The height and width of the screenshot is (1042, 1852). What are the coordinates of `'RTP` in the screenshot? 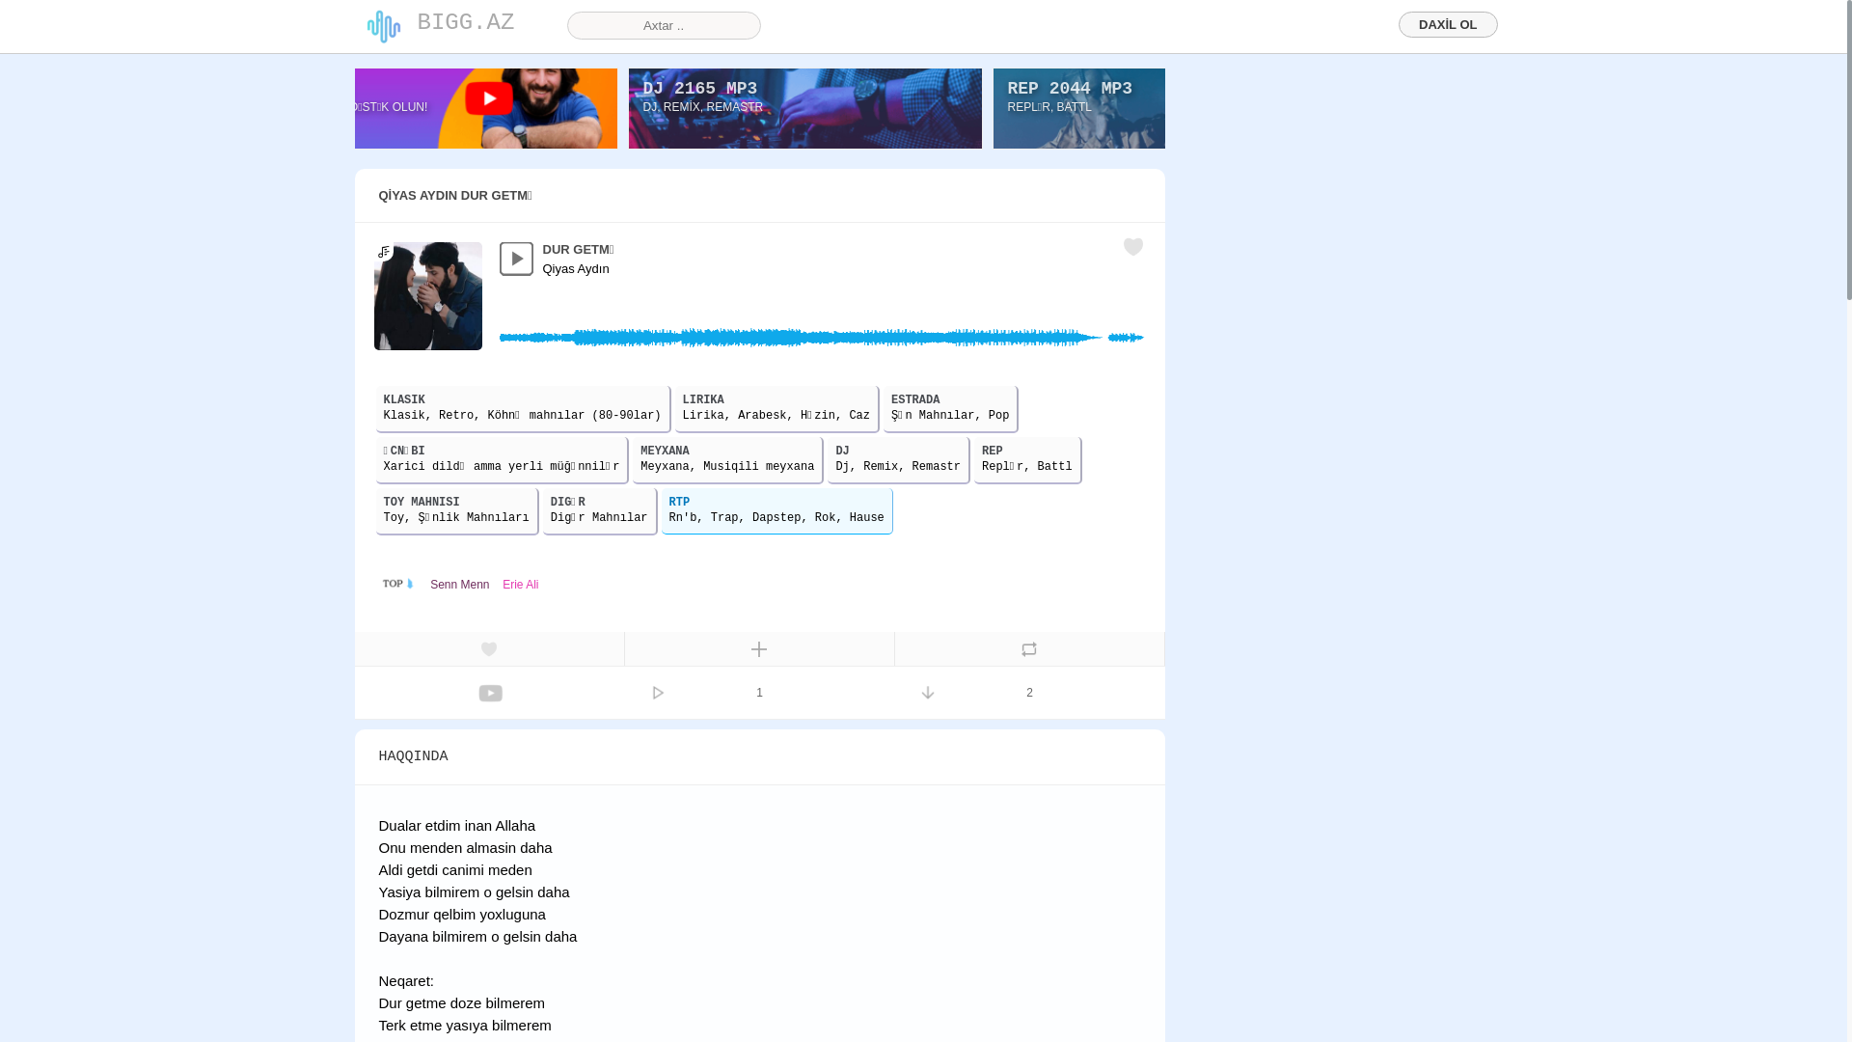 It's located at (777, 509).